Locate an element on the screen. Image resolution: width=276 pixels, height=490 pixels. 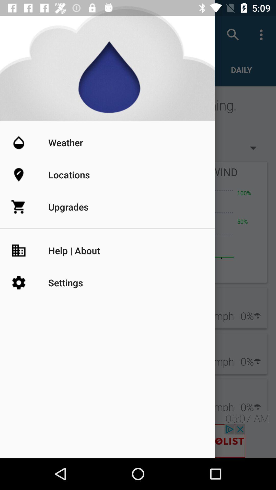
the icon left to help  about is located at coordinates (29, 251).